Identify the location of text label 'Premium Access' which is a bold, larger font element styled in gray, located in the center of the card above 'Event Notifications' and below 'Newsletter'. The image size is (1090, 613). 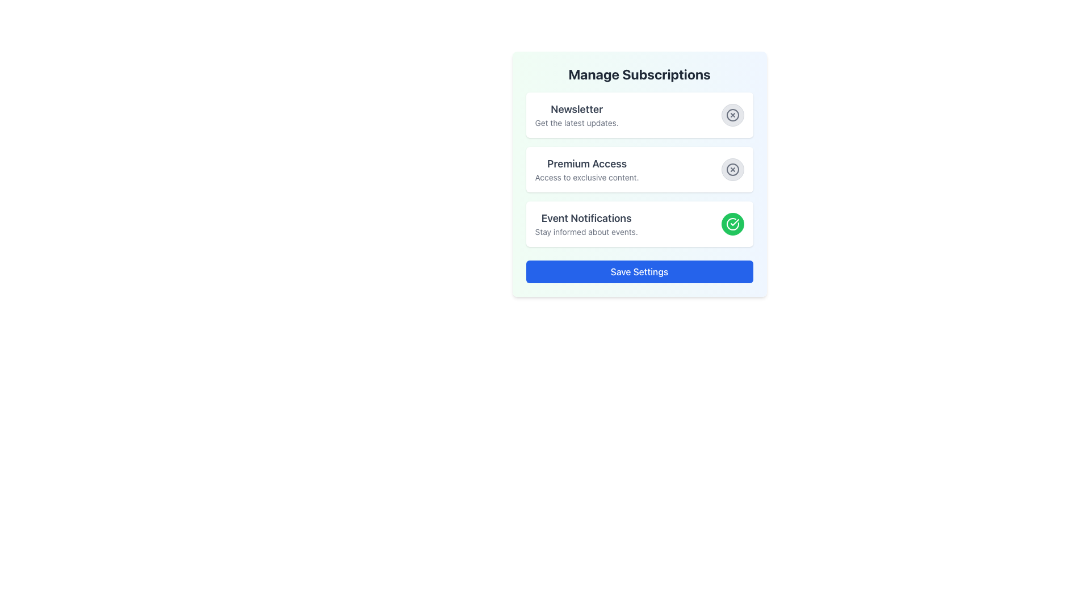
(587, 164).